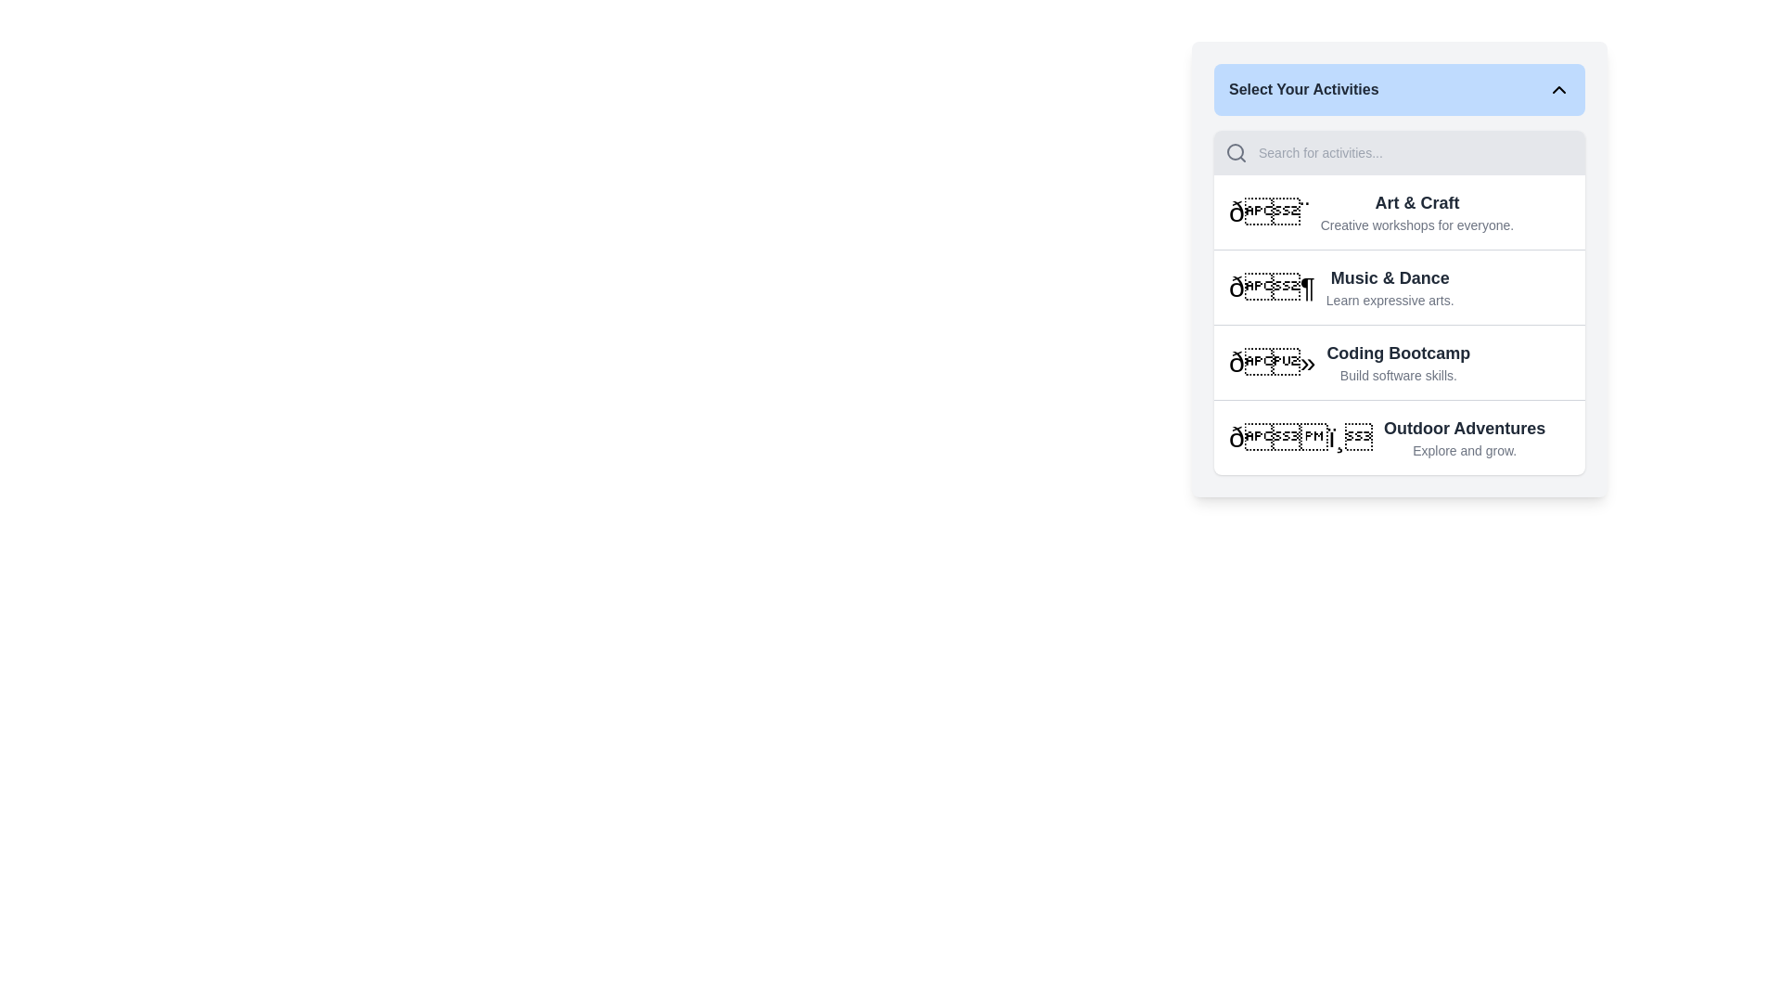  I want to click on text from the 'Outdoor Adventures' text block, which includes the heading 'Outdoor Adventures' and the subtitle 'Explore and grow.', so click(1464, 437).